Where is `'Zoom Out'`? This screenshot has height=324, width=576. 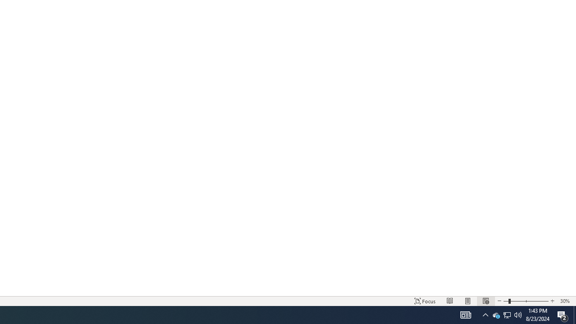 'Zoom Out' is located at coordinates (506, 301).